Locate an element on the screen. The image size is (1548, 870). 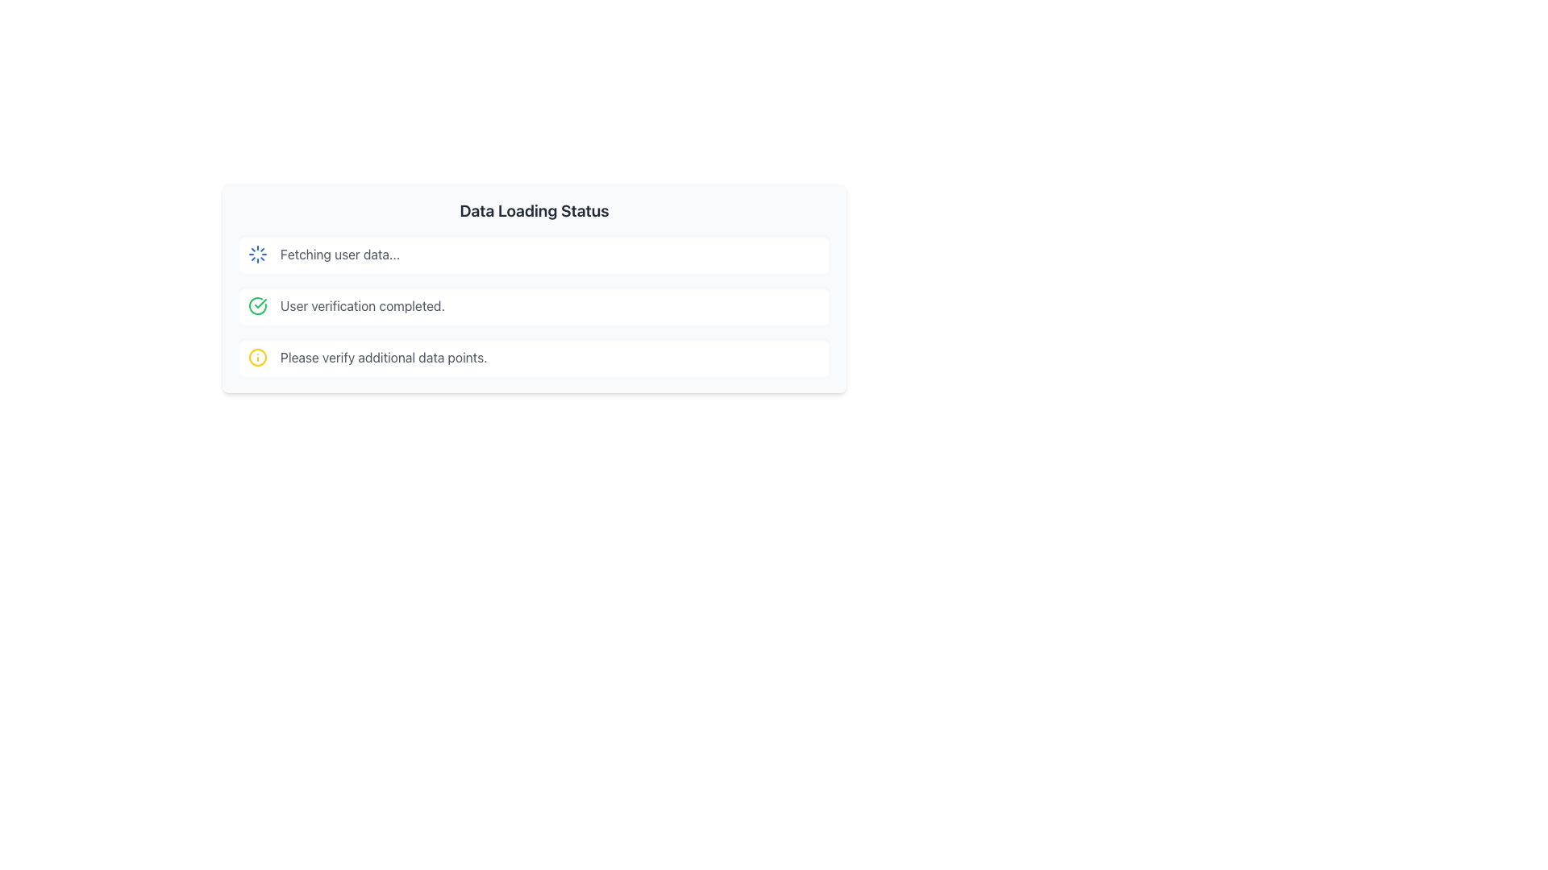
the informational message box that prompts the user for additional data verification, located below the 'User verification completed' item in the 'Data Loading Status' section is located at coordinates (534, 356).